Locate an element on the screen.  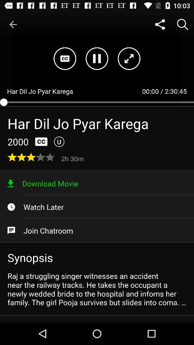
item below the synopsis is located at coordinates (97, 289).